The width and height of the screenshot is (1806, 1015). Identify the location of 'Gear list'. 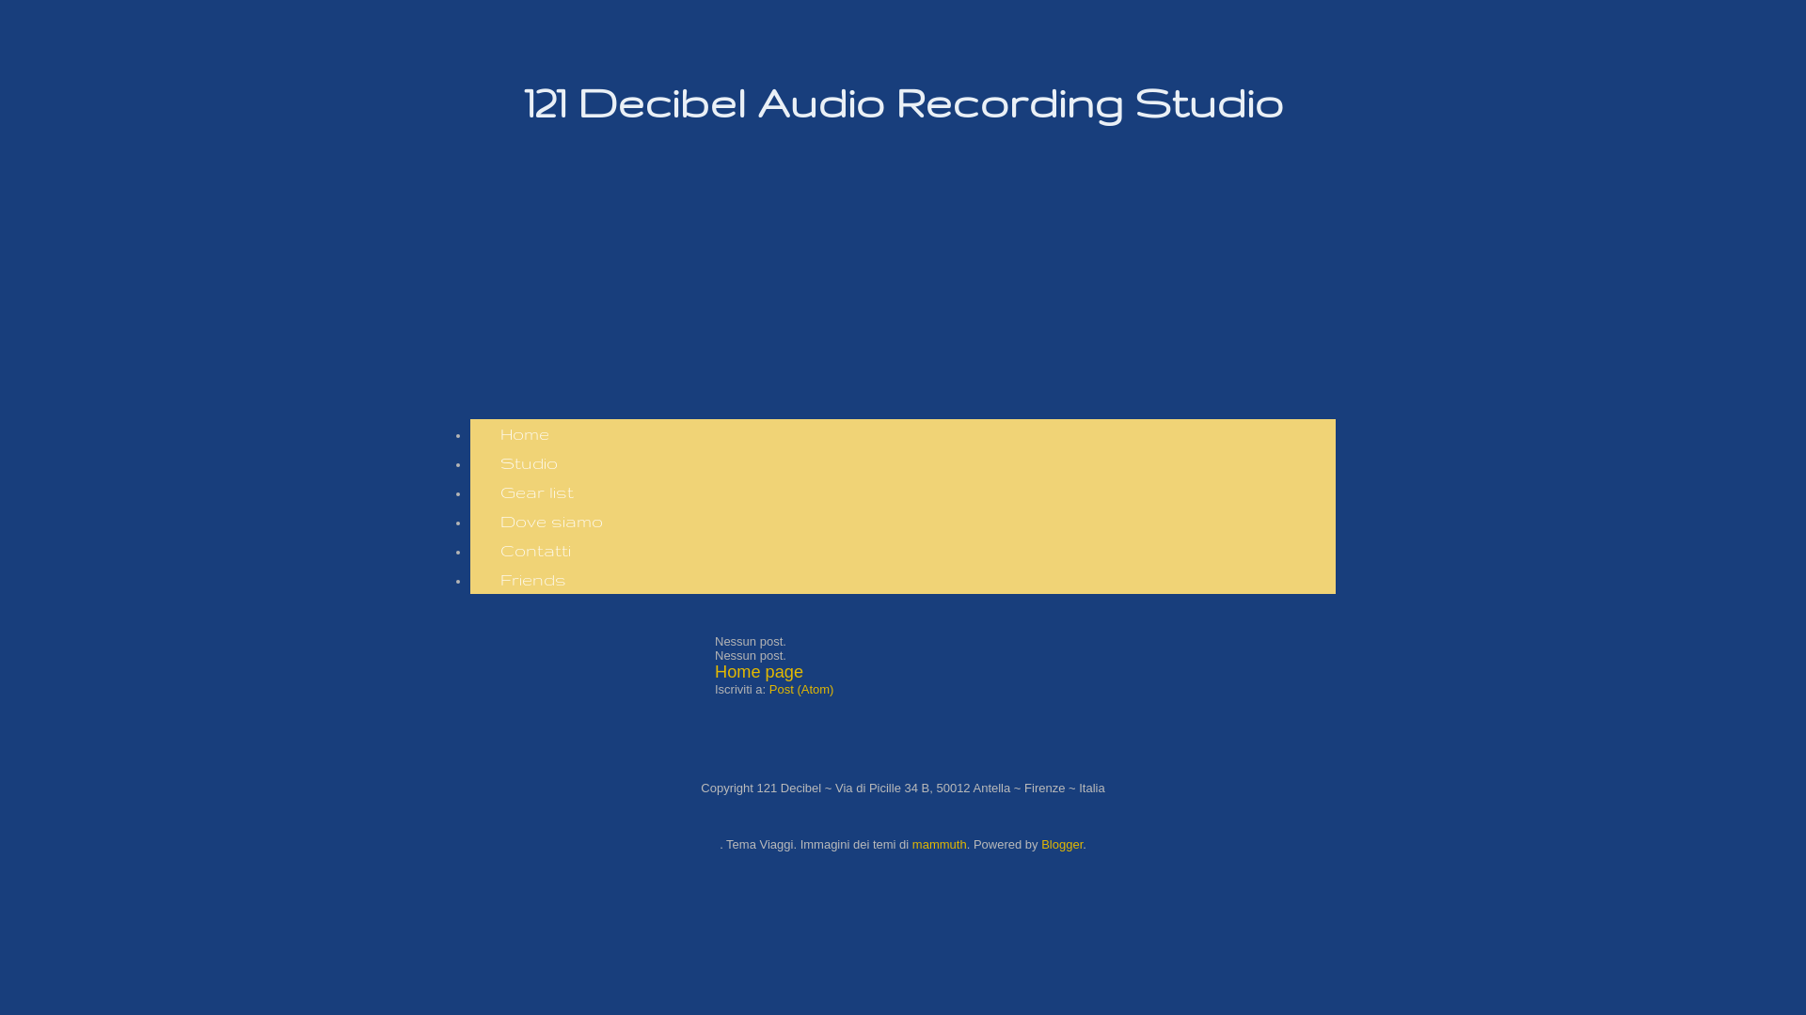
(536, 491).